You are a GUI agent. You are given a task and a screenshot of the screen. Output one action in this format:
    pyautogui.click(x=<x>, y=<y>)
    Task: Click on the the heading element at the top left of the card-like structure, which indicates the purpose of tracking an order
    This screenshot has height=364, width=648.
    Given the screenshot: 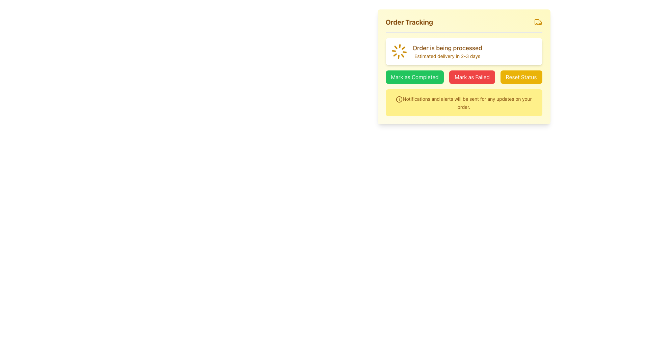 What is the action you would take?
    pyautogui.click(x=409, y=22)
    